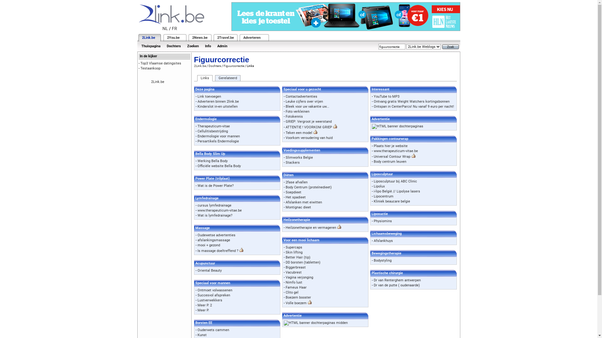 Image resolution: width=602 pixels, height=338 pixels. Describe the element at coordinates (301, 96) in the screenshot. I see `'Contactadvertenties'` at that location.